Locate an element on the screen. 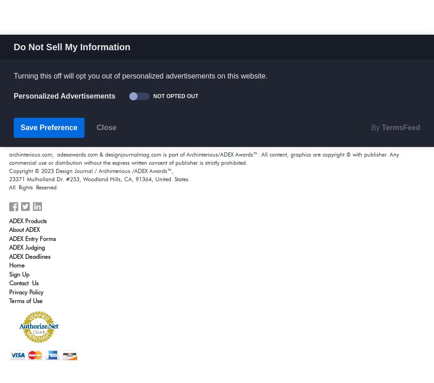 This screenshot has width=434, height=383. 'Home' is located at coordinates (16, 265).